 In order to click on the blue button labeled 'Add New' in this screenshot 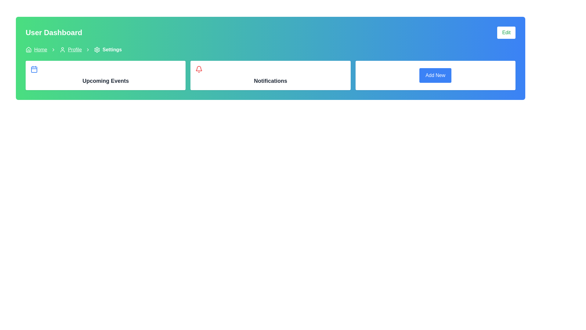, I will do `click(435, 75)`.